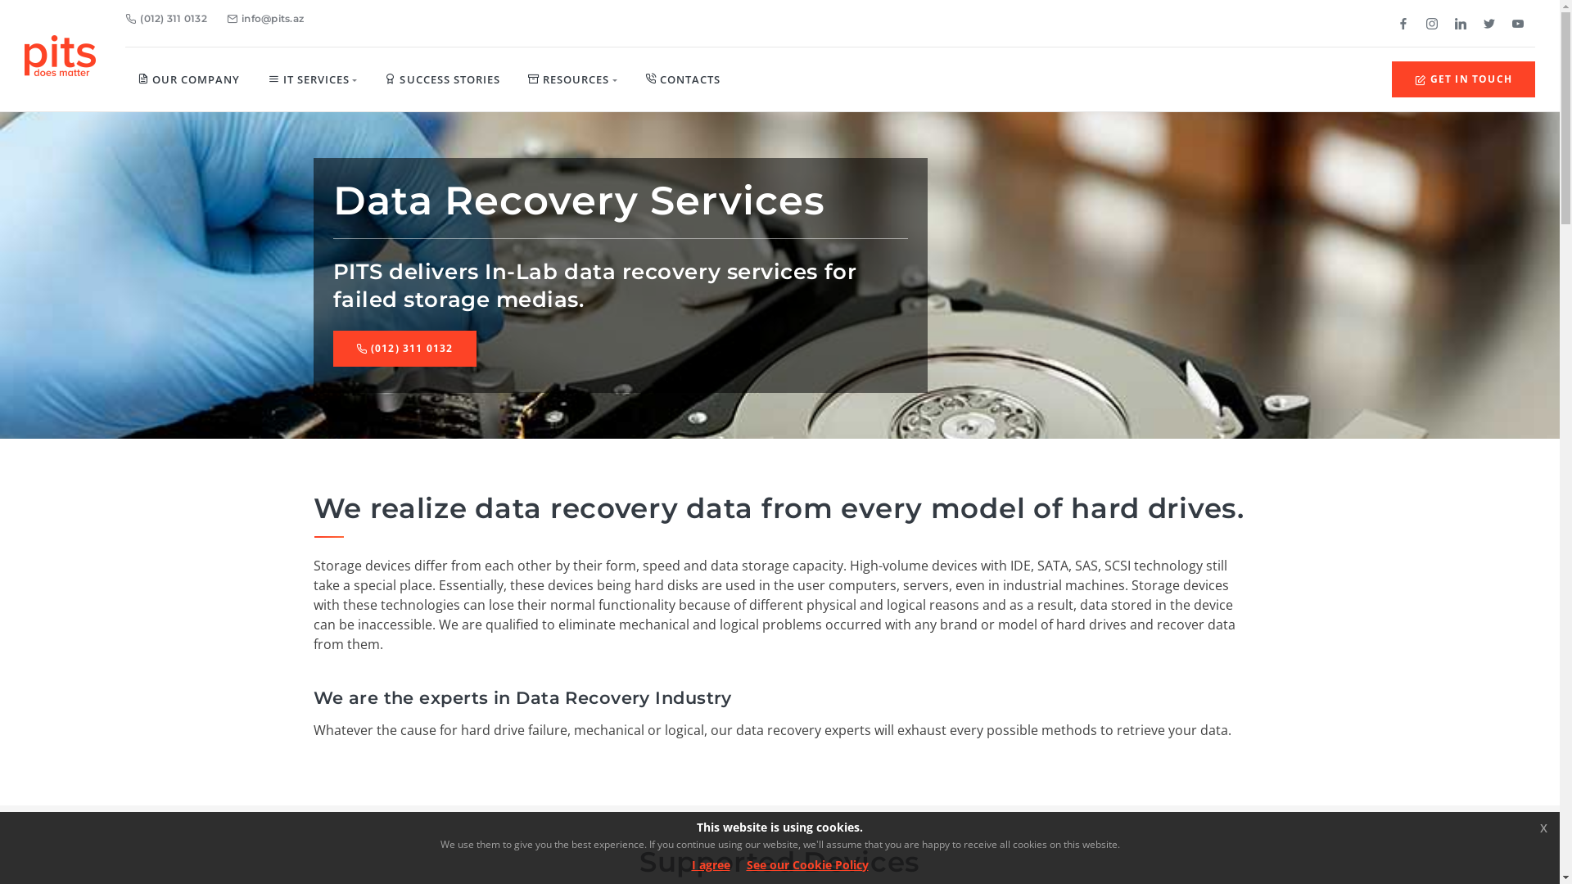 The image size is (1572, 884). Describe the element at coordinates (807, 864) in the screenshot. I see `'See our Cookie Policy'` at that location.